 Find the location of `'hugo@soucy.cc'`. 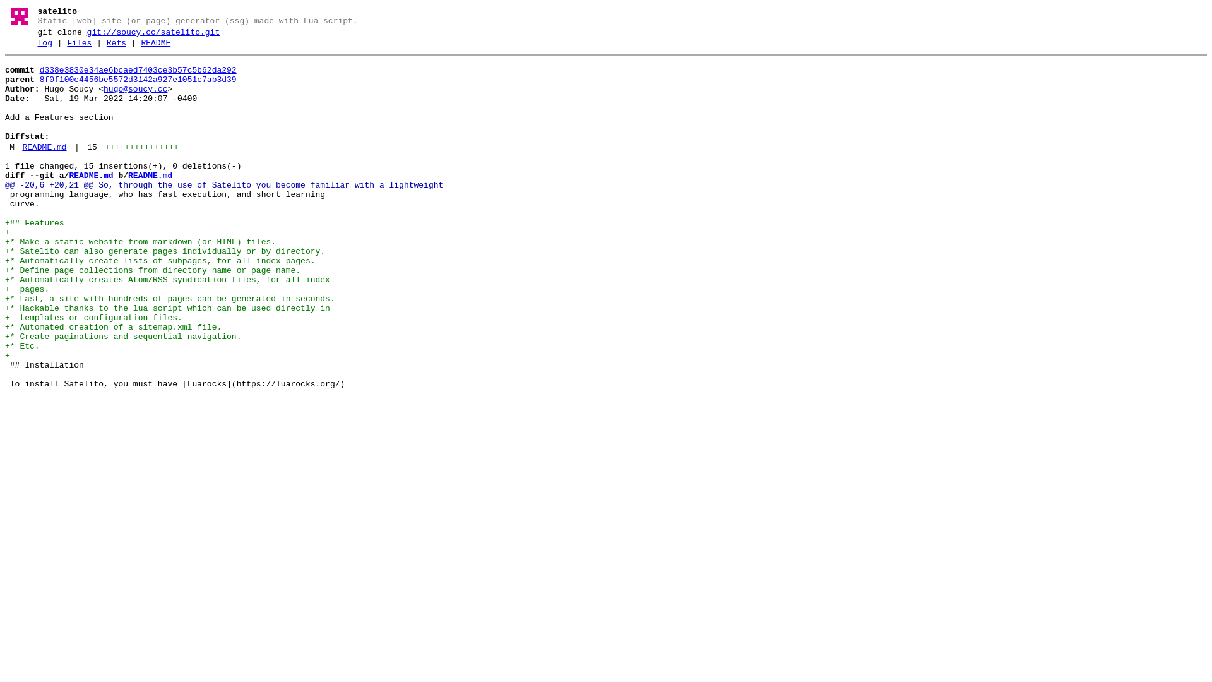

'hugo@soucy.cc' is located at coordinates (103, 88).